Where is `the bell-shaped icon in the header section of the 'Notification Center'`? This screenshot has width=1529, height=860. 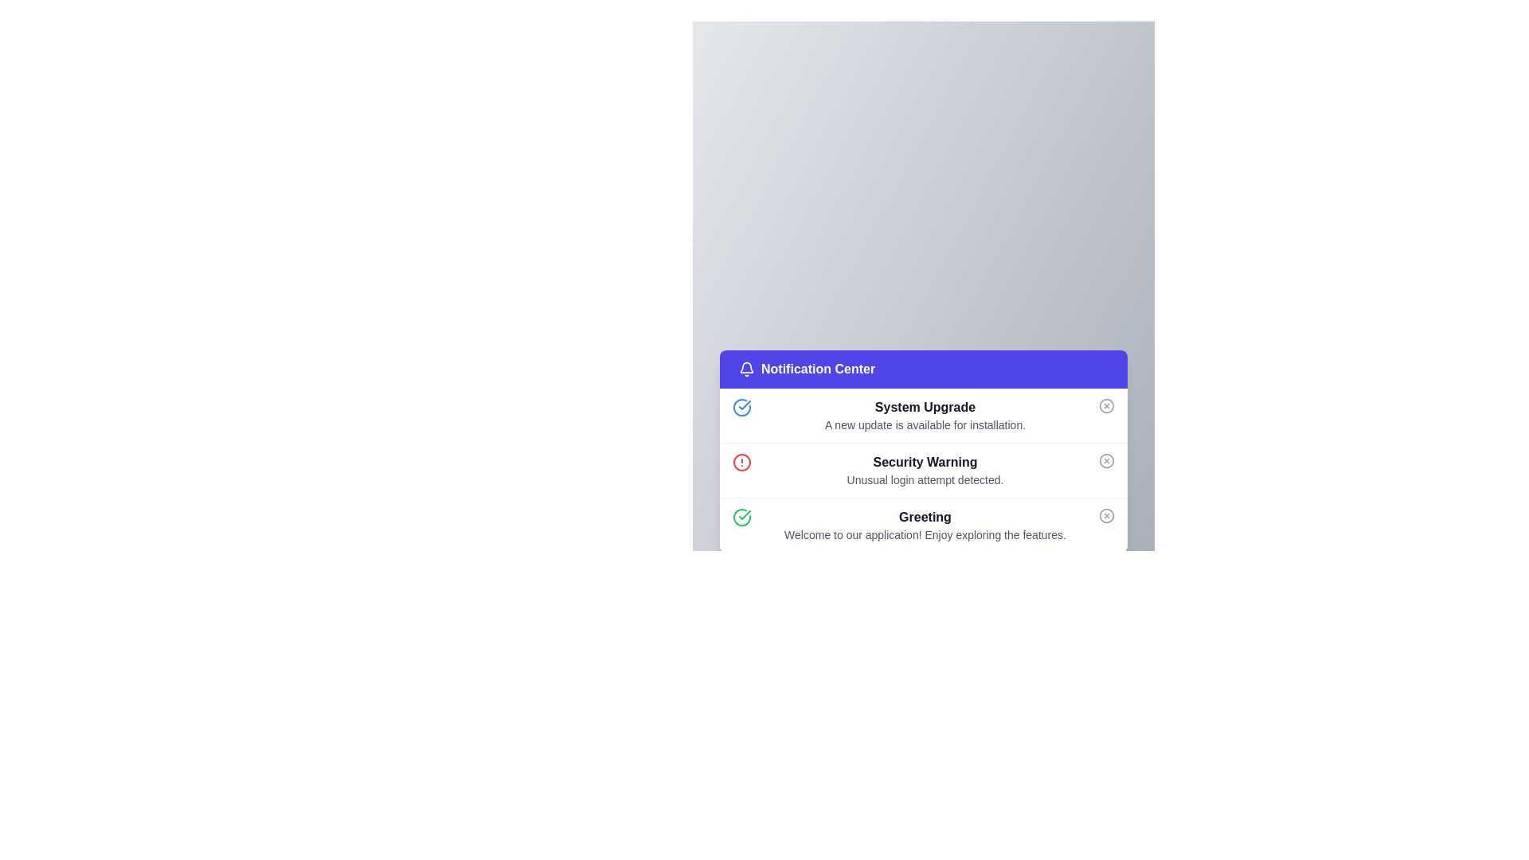
the bell-shaped icon in the header section of the 'Notification Center' is located at coordinates (745, 369).